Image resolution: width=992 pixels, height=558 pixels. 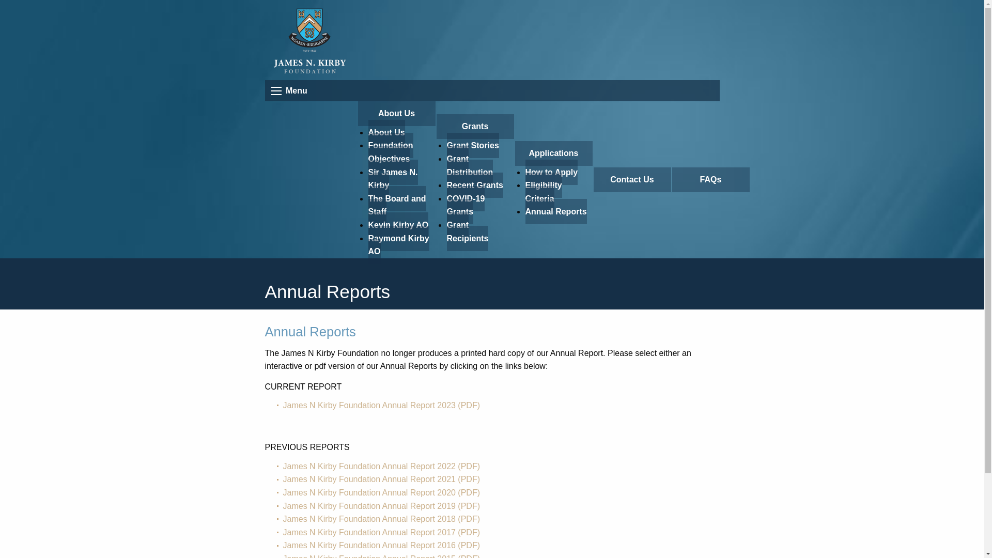 What do you see at coordinates (381, 545) in the screenshot?
I see `'James N Kirby Foundation Annual Report 2016 (PDF)'` at bounding box center [381, 545].